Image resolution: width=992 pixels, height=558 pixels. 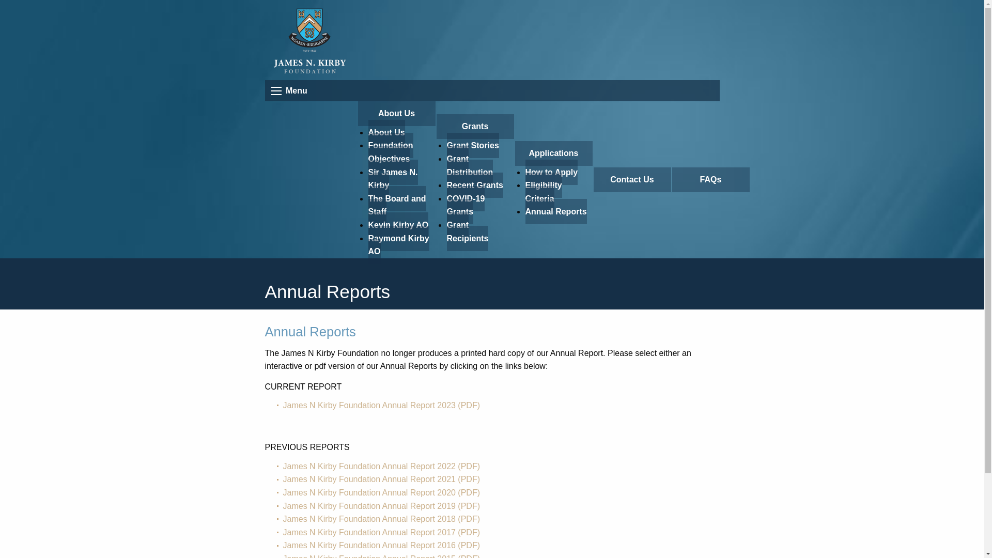 What do you see at coordinates (381, 545) in the screenshot?
I see `'James N Kirby Foundation Annual Report 2016 (PDF)'` at bounding box center [381, 545].